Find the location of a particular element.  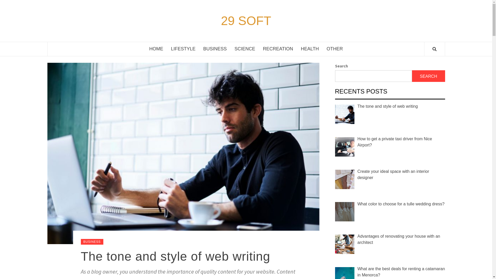

'SEARCH' is located at coordinates (429, 76).